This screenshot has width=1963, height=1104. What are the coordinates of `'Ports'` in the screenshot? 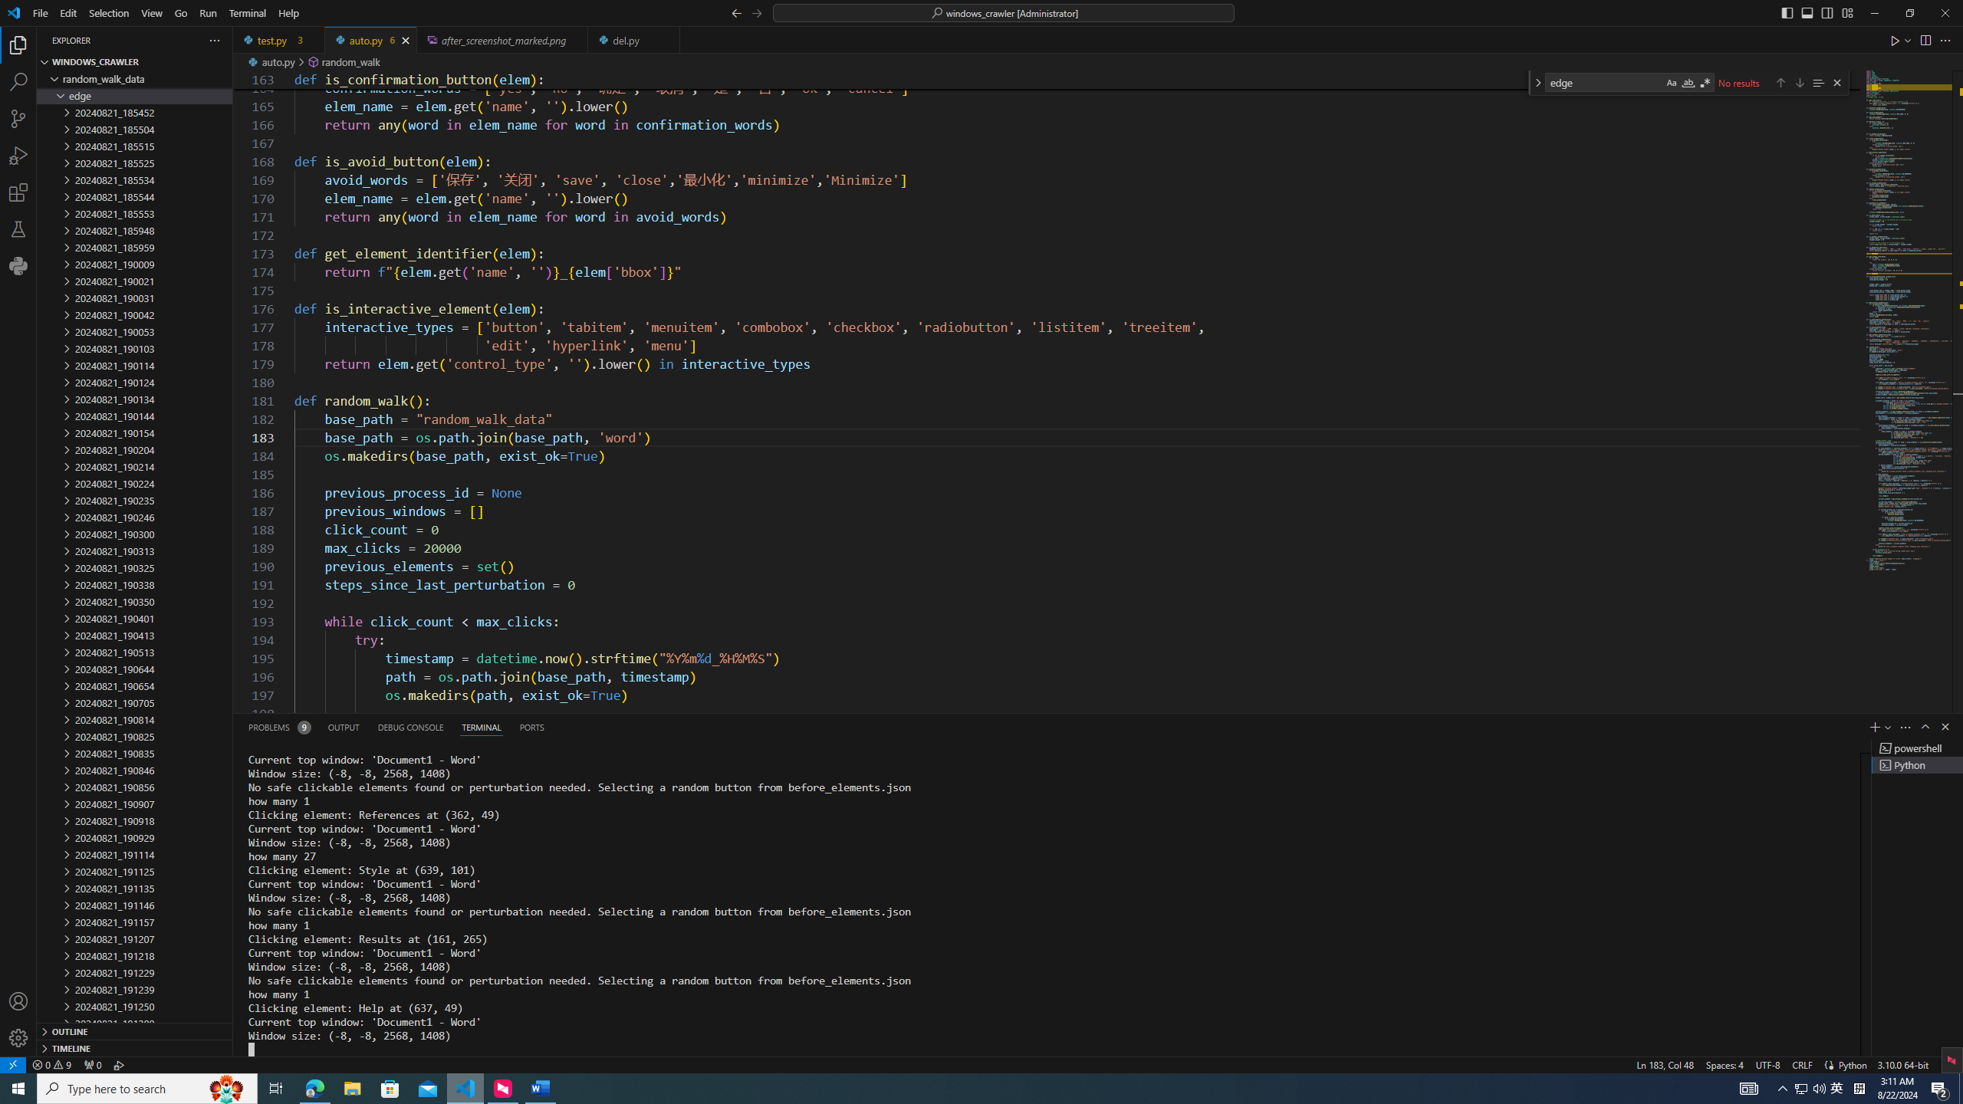 It's located at (531, 726).